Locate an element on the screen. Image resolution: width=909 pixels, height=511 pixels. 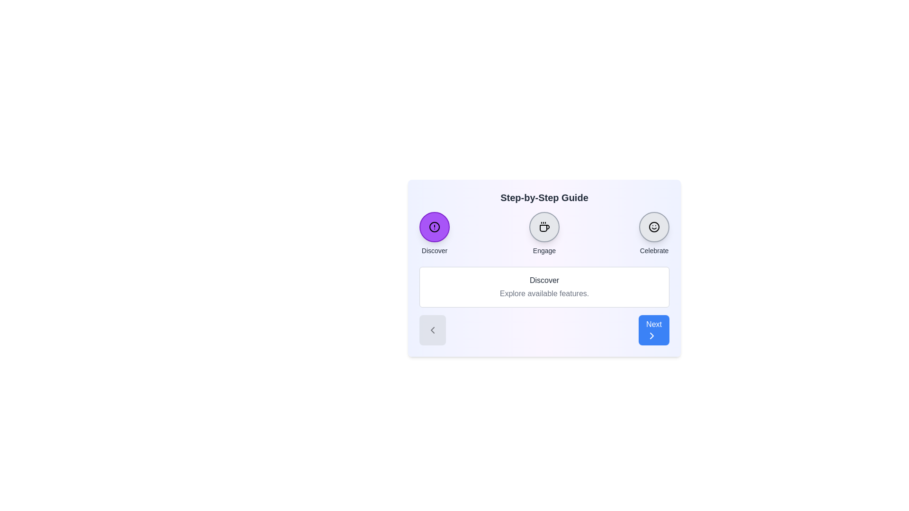
the circular icon with a black border on a purple background, featuring an exclamation mark in the center, located at the center of the 'Discover' button is located at coordinates (434, 227).